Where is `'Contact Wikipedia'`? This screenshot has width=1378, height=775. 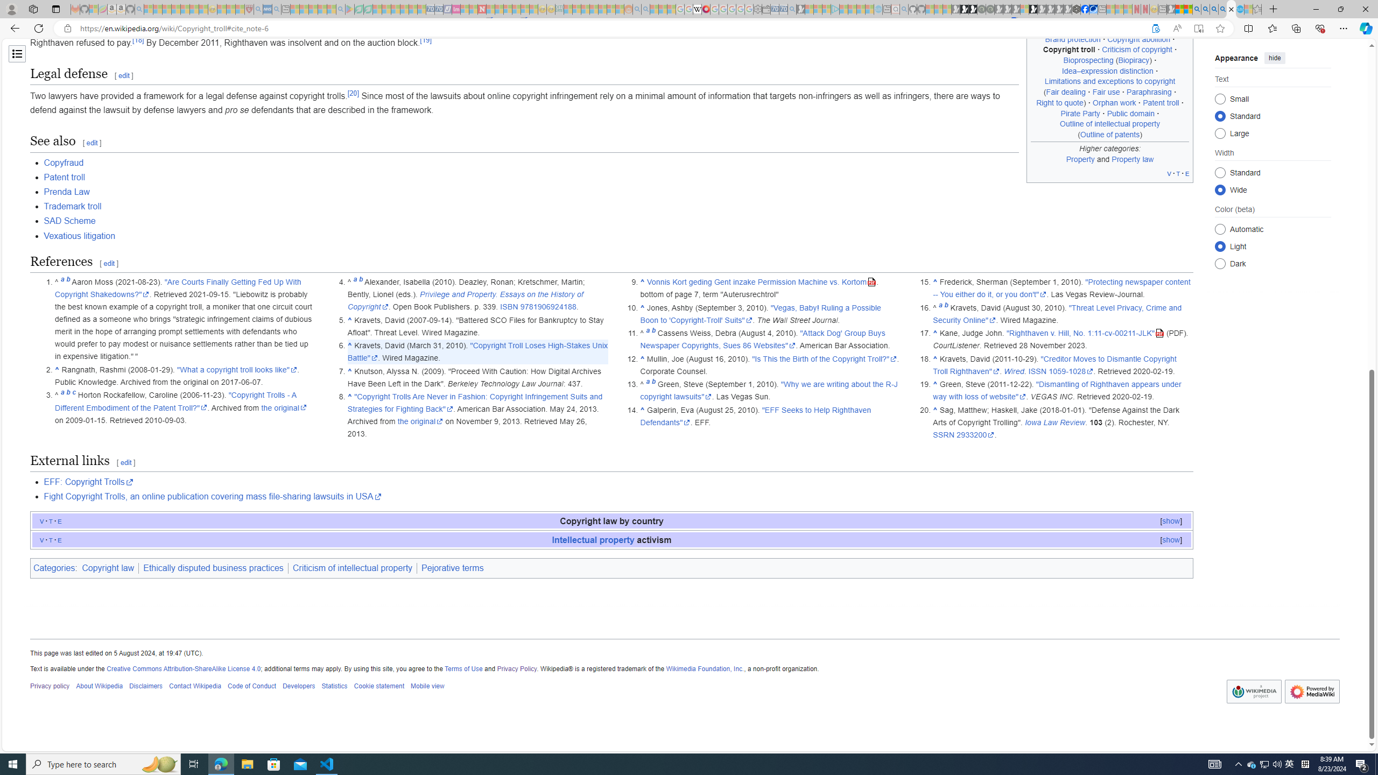 'Contact Wikipedia' is located at coordinates (195, 686).